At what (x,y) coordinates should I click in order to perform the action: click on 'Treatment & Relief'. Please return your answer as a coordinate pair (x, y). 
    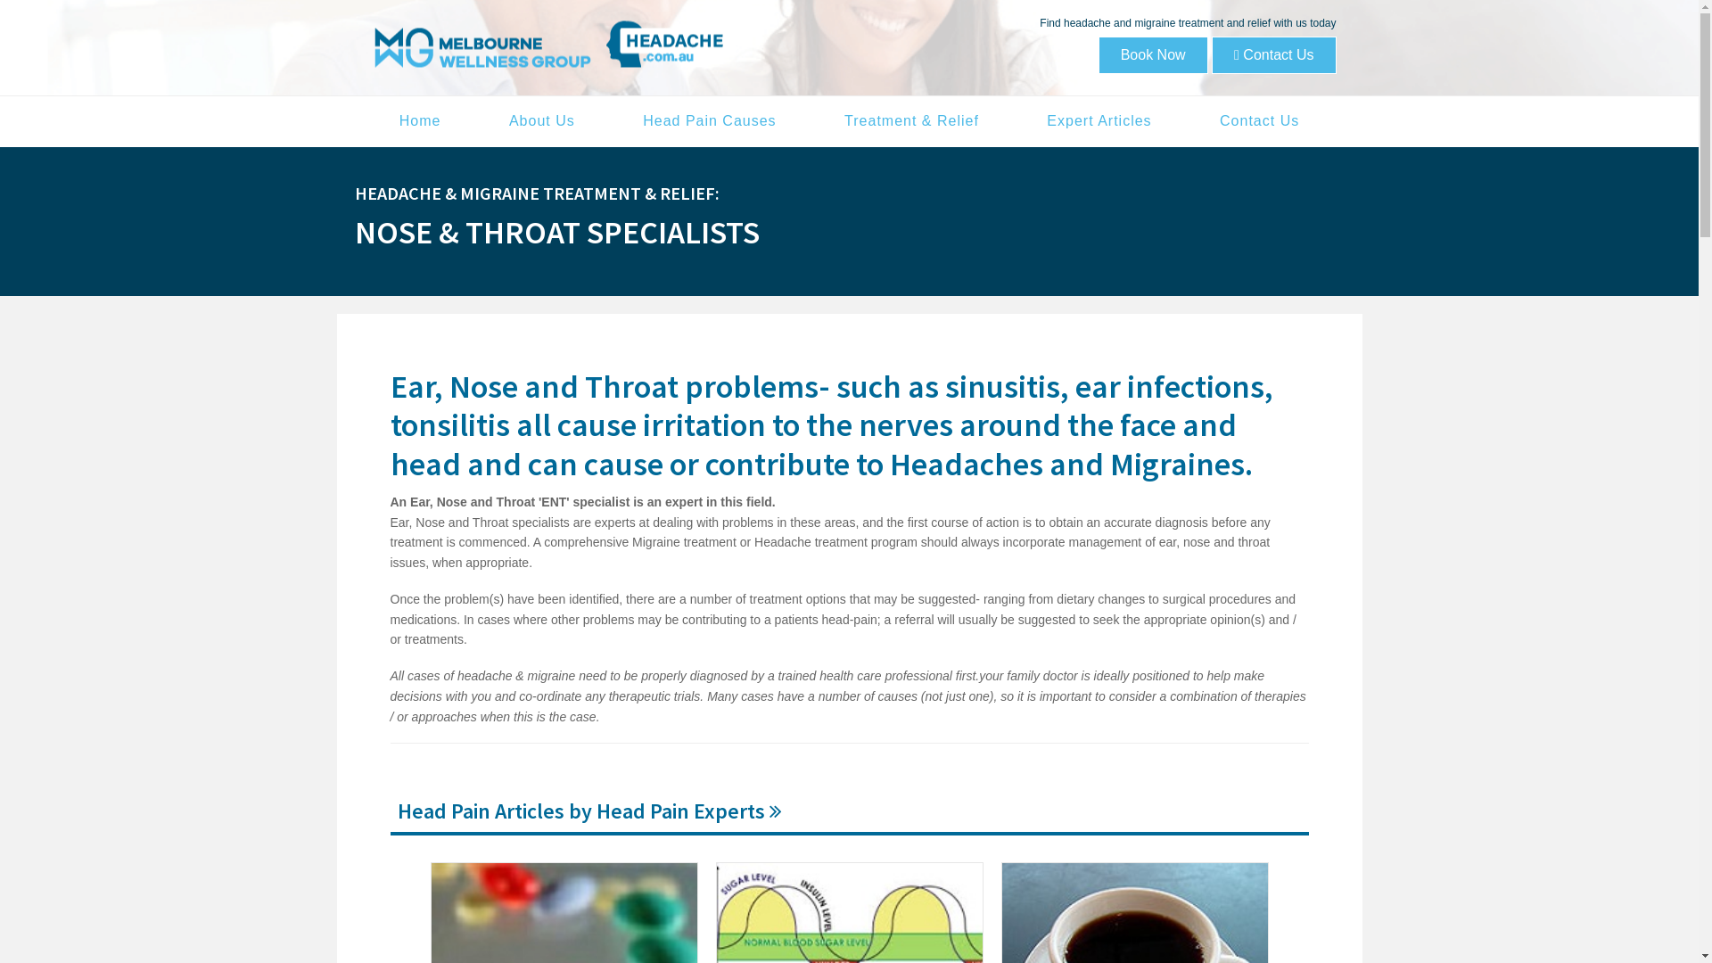
    Looking at the image, I should click on (911, 120).